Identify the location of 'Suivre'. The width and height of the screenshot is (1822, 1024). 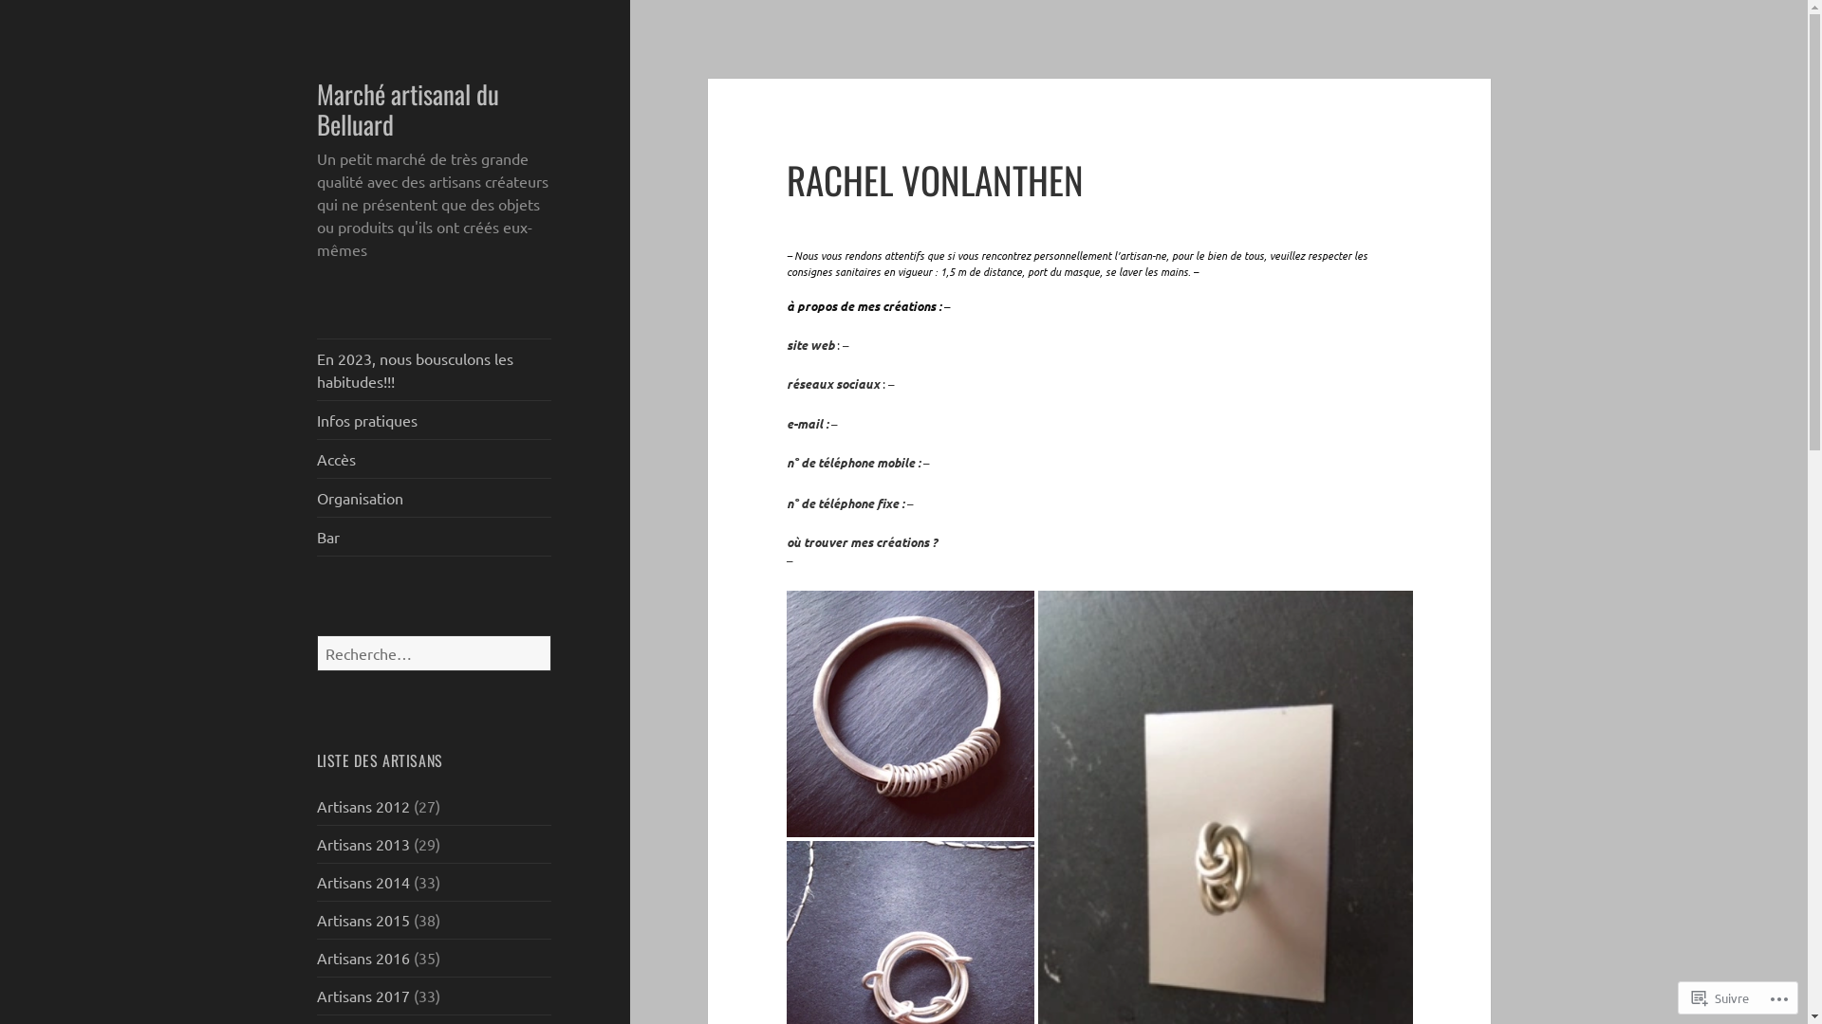
(1684, 997).